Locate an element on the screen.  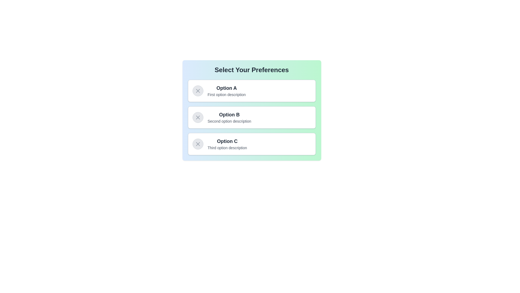
the close icon located to the left of the text description for 'Option A' in the preference selection list to deselect the option is located at coordinates (197, 91).